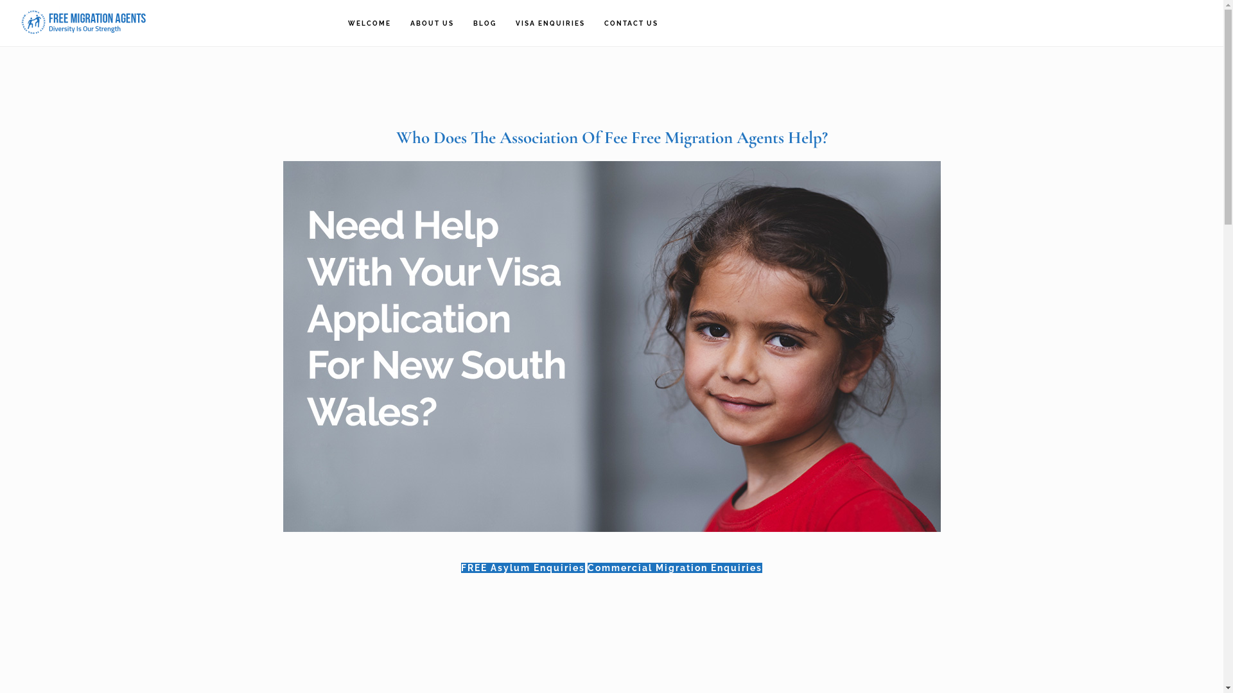 The image size is (1233, 693). Describe the element at coordinates (523, 567) in the screenshot. I see `'FREE Asylum Enquiries'` at that location.